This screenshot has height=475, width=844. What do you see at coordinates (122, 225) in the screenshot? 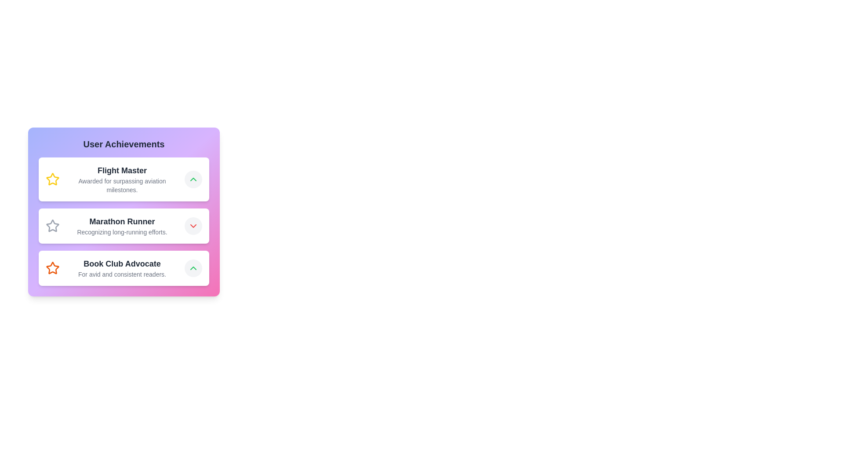
I see `the text display element titled 'Marathon Runner' which recognizes long-running efforts, located in the list of user achievements` at bounding box center [122, 225].